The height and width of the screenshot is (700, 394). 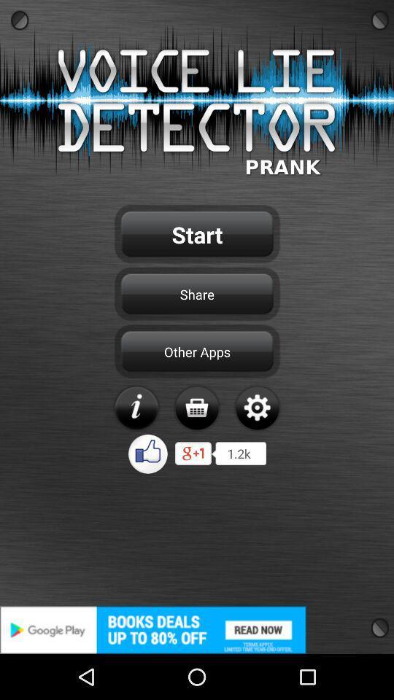 What do you see at coordinates (147, 453) in the screenshot?
I see `like with facebook` at bounding box center [147, 453].